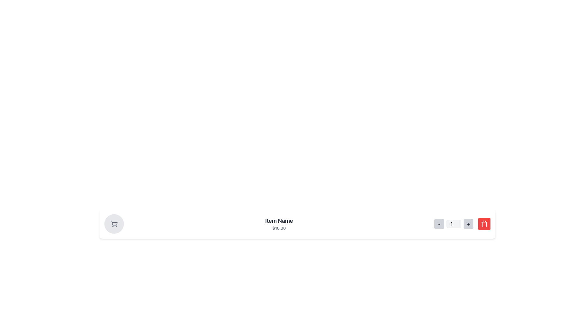 The width and height of the screenshot is (586, 330). What do you see at coordinates (114, 224) in the screenshot?
I see `the shopping cart icon with a gray stroke, located in a light-gray circular background, positioned on the far-left side of the row above the 'Item Name' text` at bounding box center [114, 224].